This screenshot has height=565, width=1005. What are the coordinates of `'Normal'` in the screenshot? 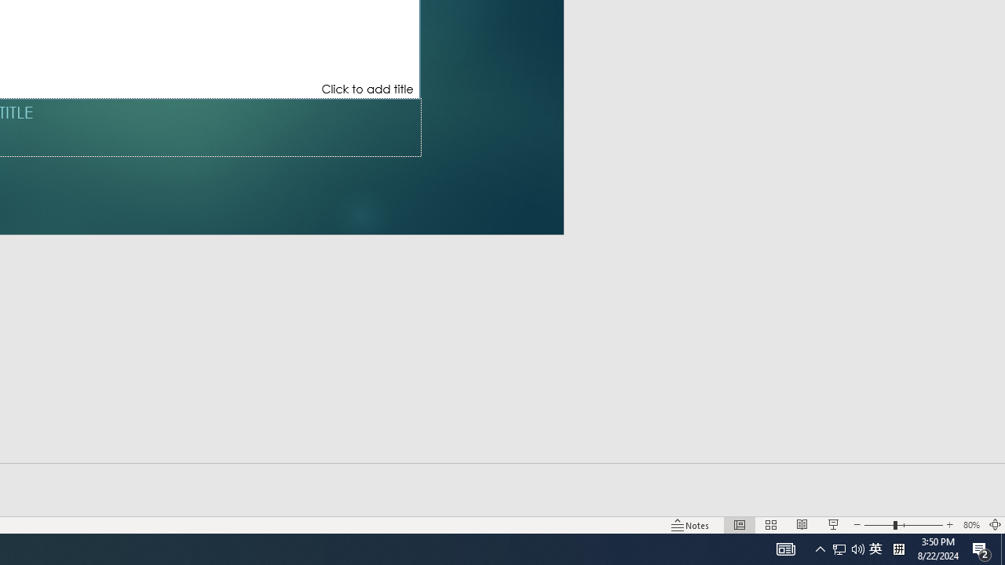 It's located at (739, 525).